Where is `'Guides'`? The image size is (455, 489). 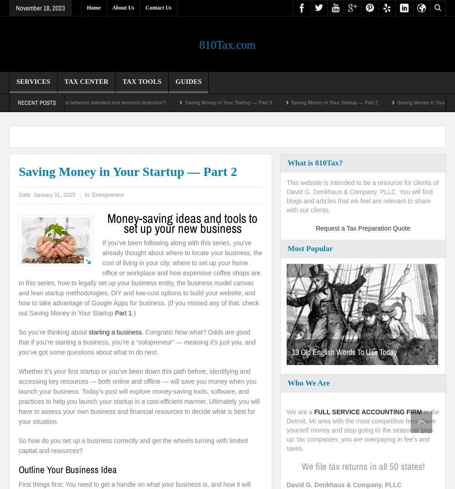 'Guides' is located at coordinates (175, 81).